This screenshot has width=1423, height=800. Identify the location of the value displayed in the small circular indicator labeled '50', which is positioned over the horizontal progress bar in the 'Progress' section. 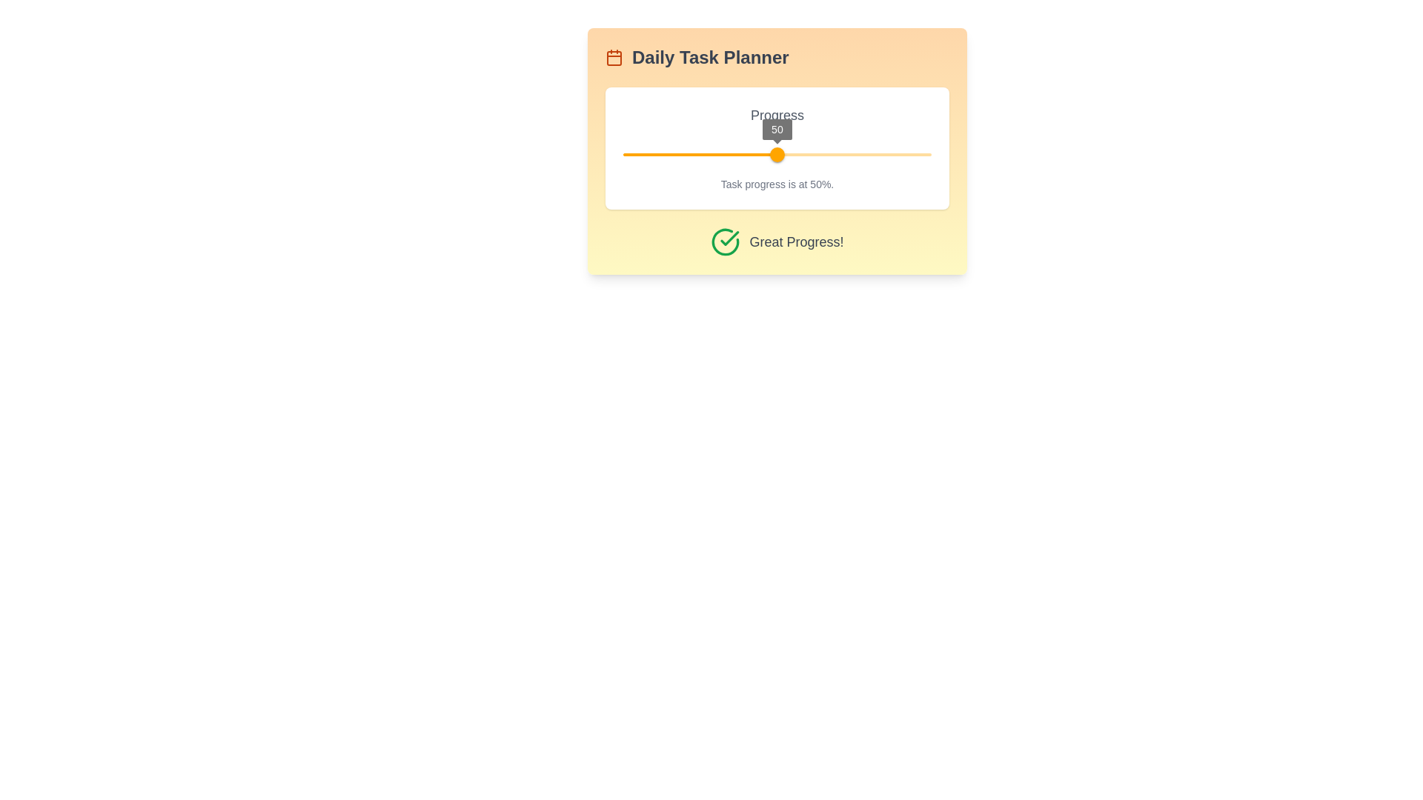
(777, 127).